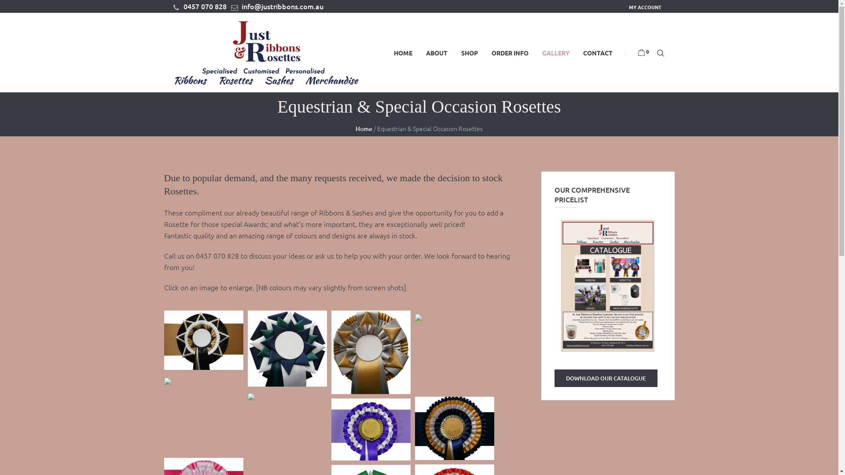 The height and width of the screenshot is (475, 845). I want to click on 'HOME', so click(403, 52).